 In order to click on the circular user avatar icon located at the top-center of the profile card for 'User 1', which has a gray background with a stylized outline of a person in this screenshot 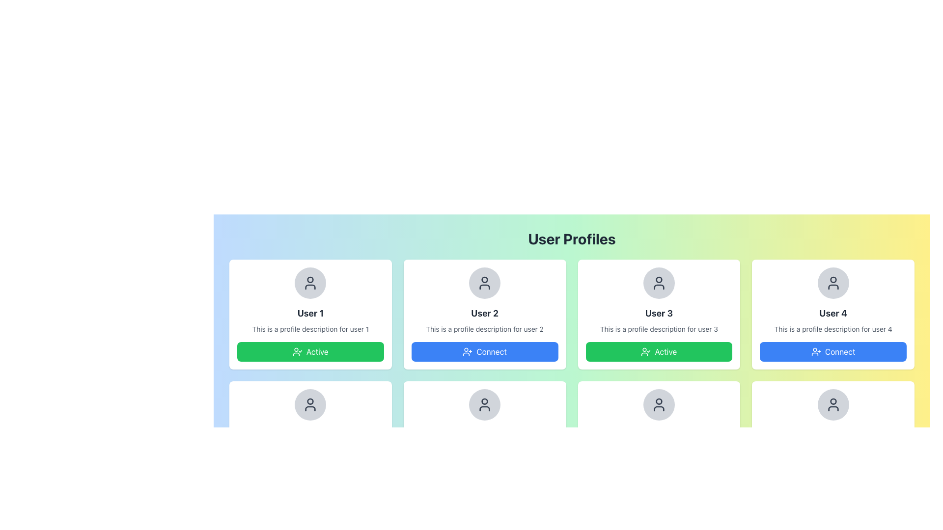, I will do `click(310, 283)`.